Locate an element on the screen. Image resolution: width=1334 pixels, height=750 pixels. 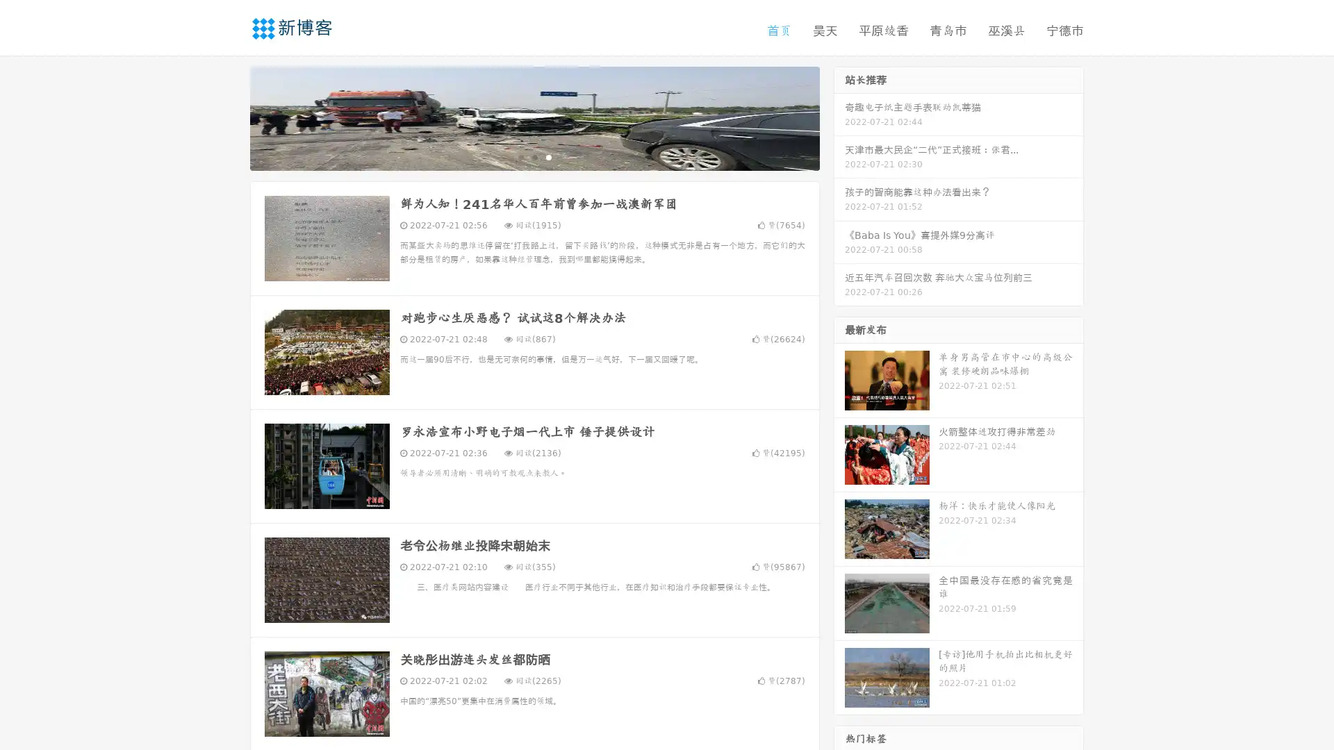
Go to slide 3 is located at coordinates (548, 156).